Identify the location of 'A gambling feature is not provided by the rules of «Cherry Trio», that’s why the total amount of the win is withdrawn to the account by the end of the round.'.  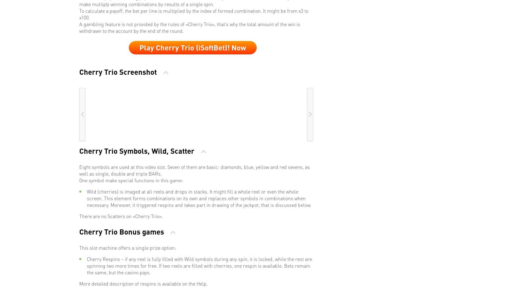
(189, 27).